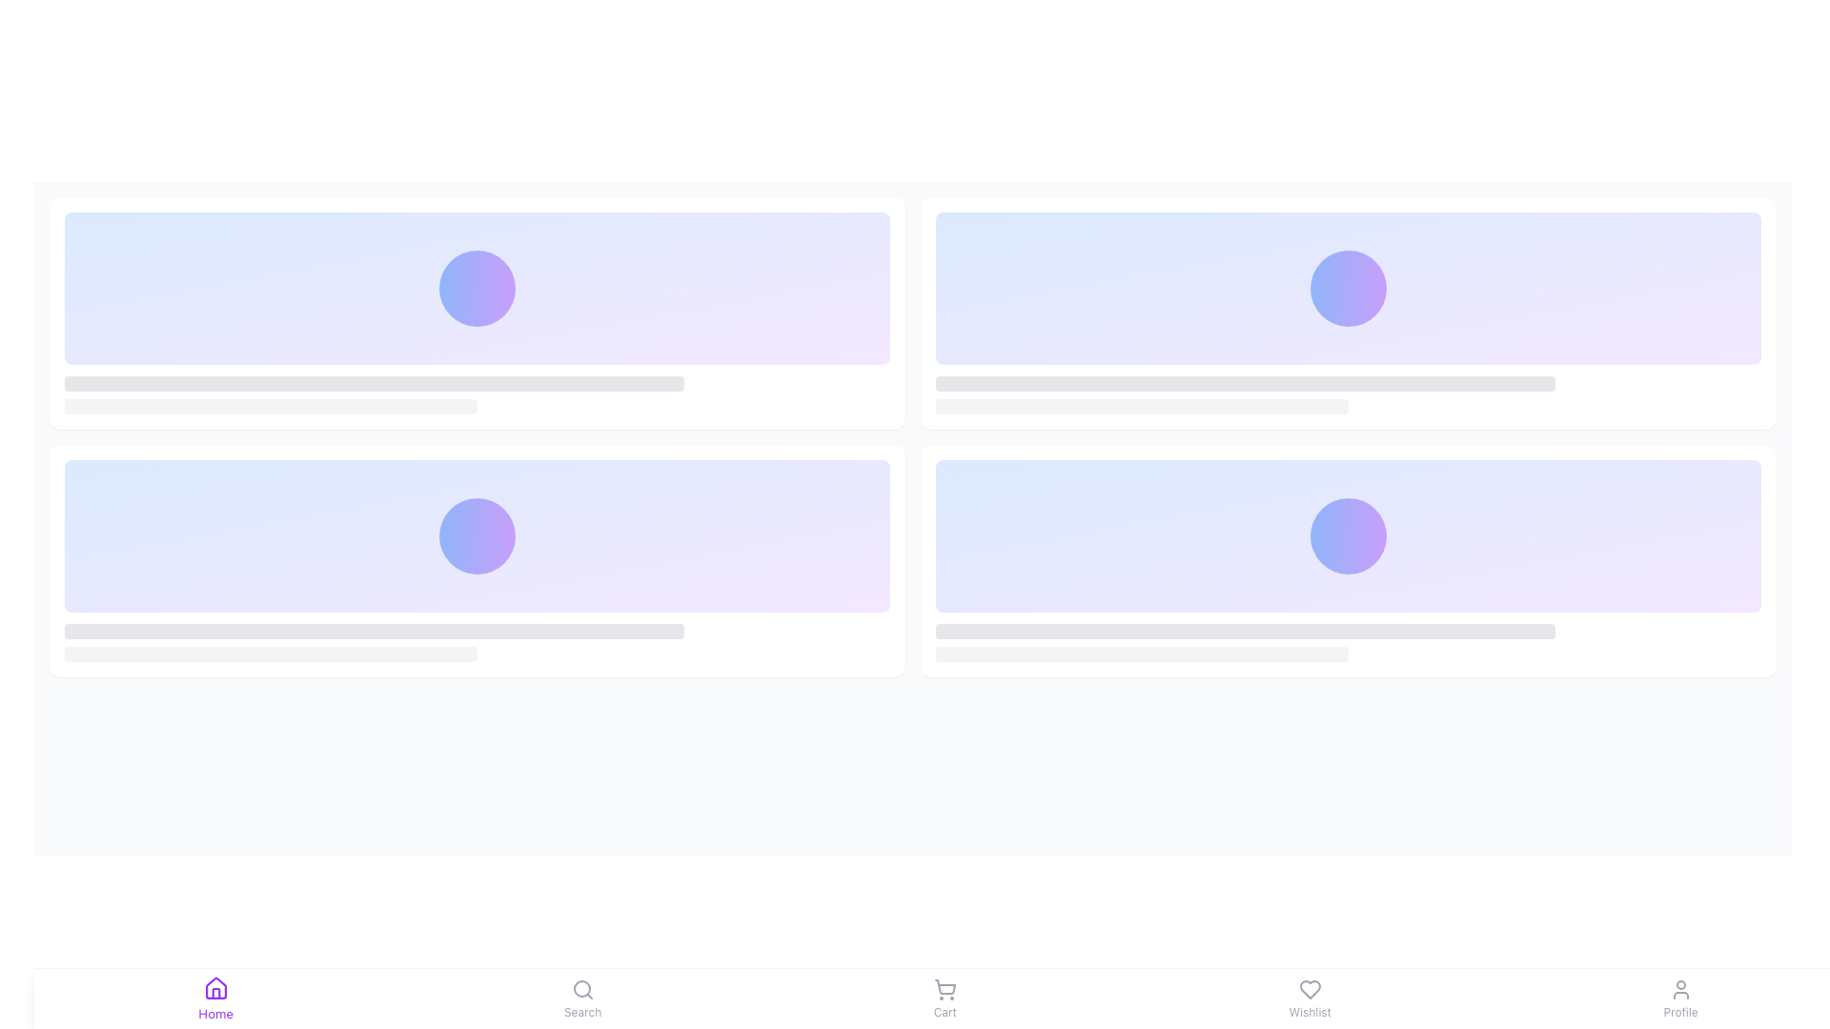 The height and width of the screenshot is (1029, 1830). I want to click on the heart-shaped vector graphic icon in the bottom navigation bar under the 'Wishlist' label, so click(1309, 988).